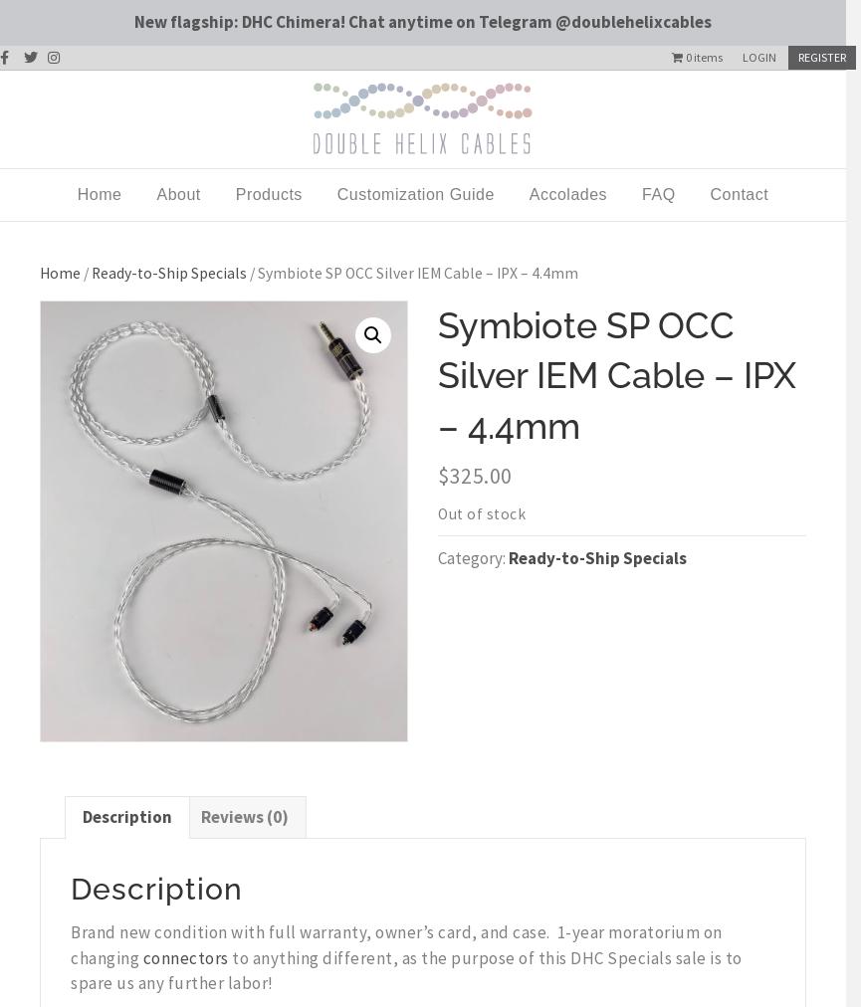  Describe the element at coordinates (820, 55) in the screenshot. I see `'REGISTER'` at that location.